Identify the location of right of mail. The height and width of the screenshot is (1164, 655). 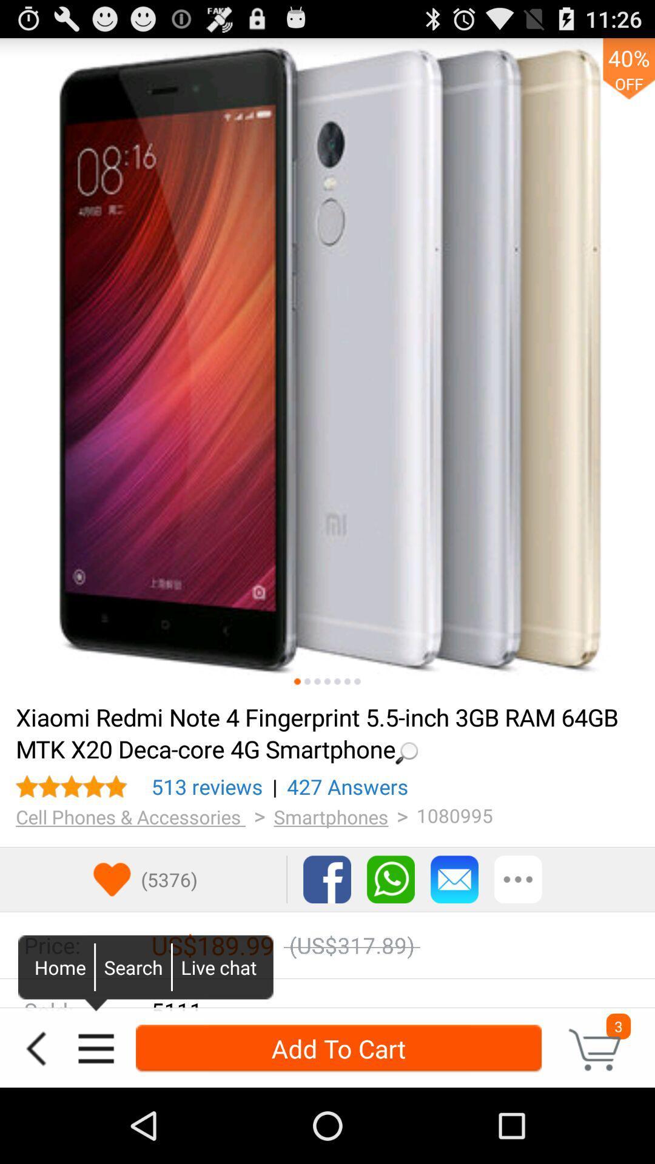
(518, 879).